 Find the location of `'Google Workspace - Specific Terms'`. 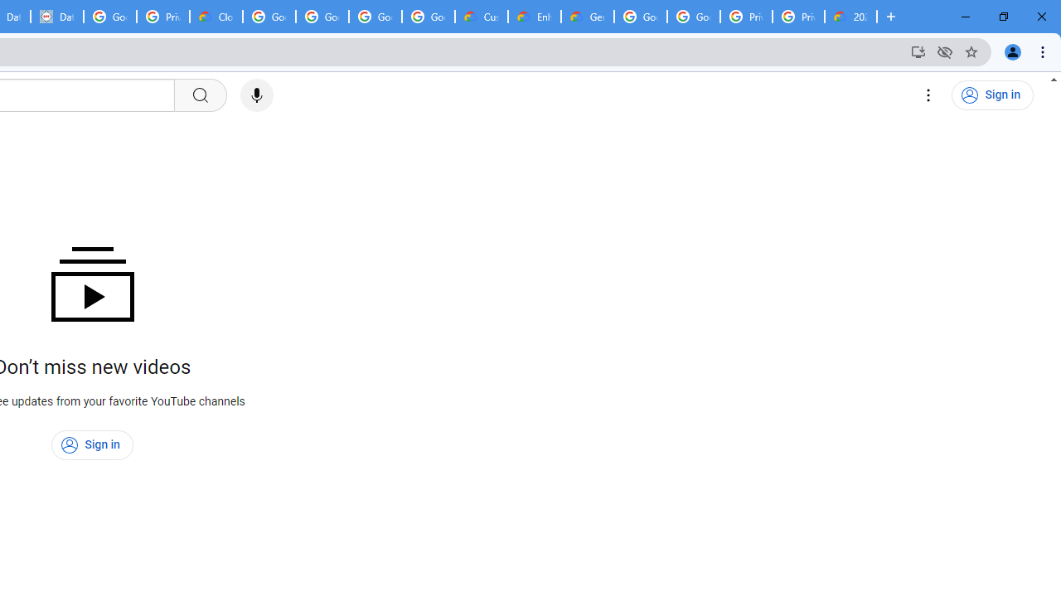

'Google Workspace - Specific Terms' is located at coordinates (375, 17).